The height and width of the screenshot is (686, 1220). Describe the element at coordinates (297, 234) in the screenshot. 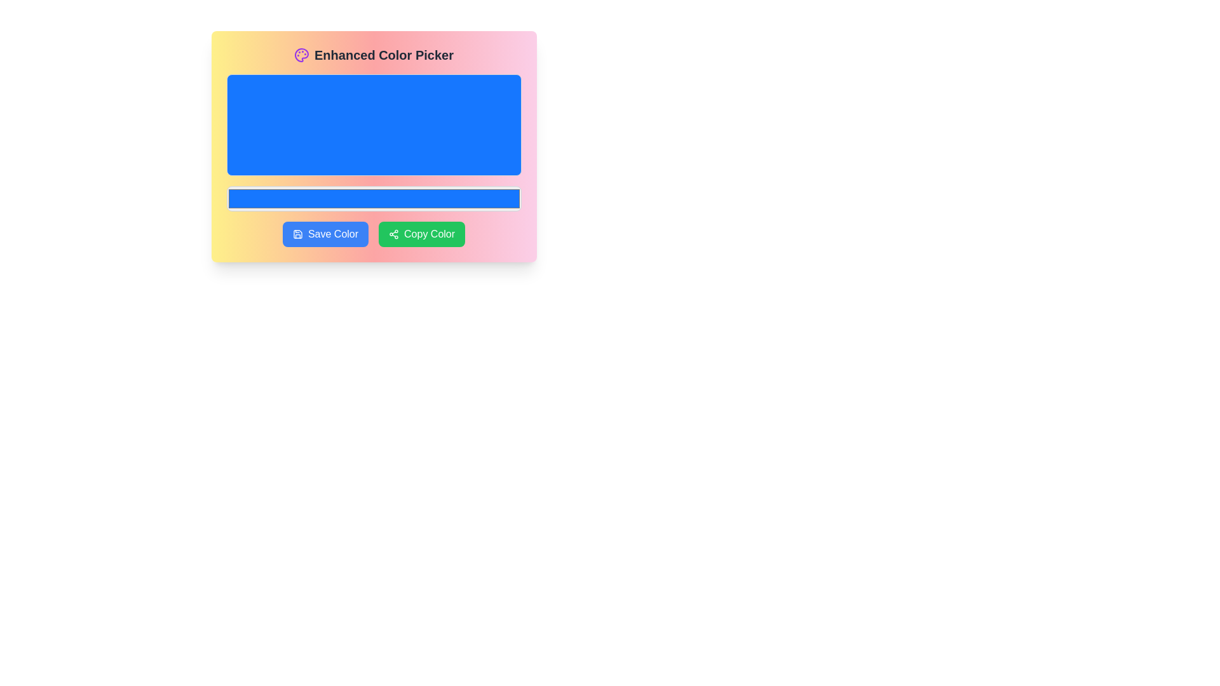

I see `the save icon located inside the 'Save Color' button, which visually represents the save action and is positioned to the left of the button's text` at that location.